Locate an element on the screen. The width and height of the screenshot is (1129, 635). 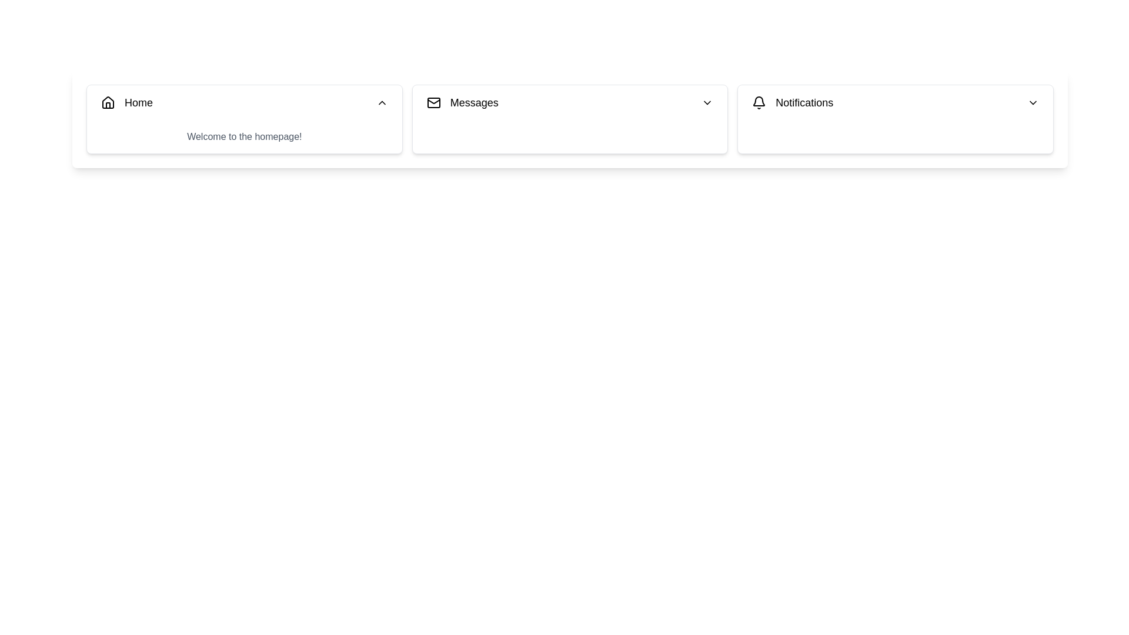
the 'Home' navigation icon located in the top-left portion of the interface, which is positioned above and to the left of the text 'Home' is located at coordinates (108, 102).